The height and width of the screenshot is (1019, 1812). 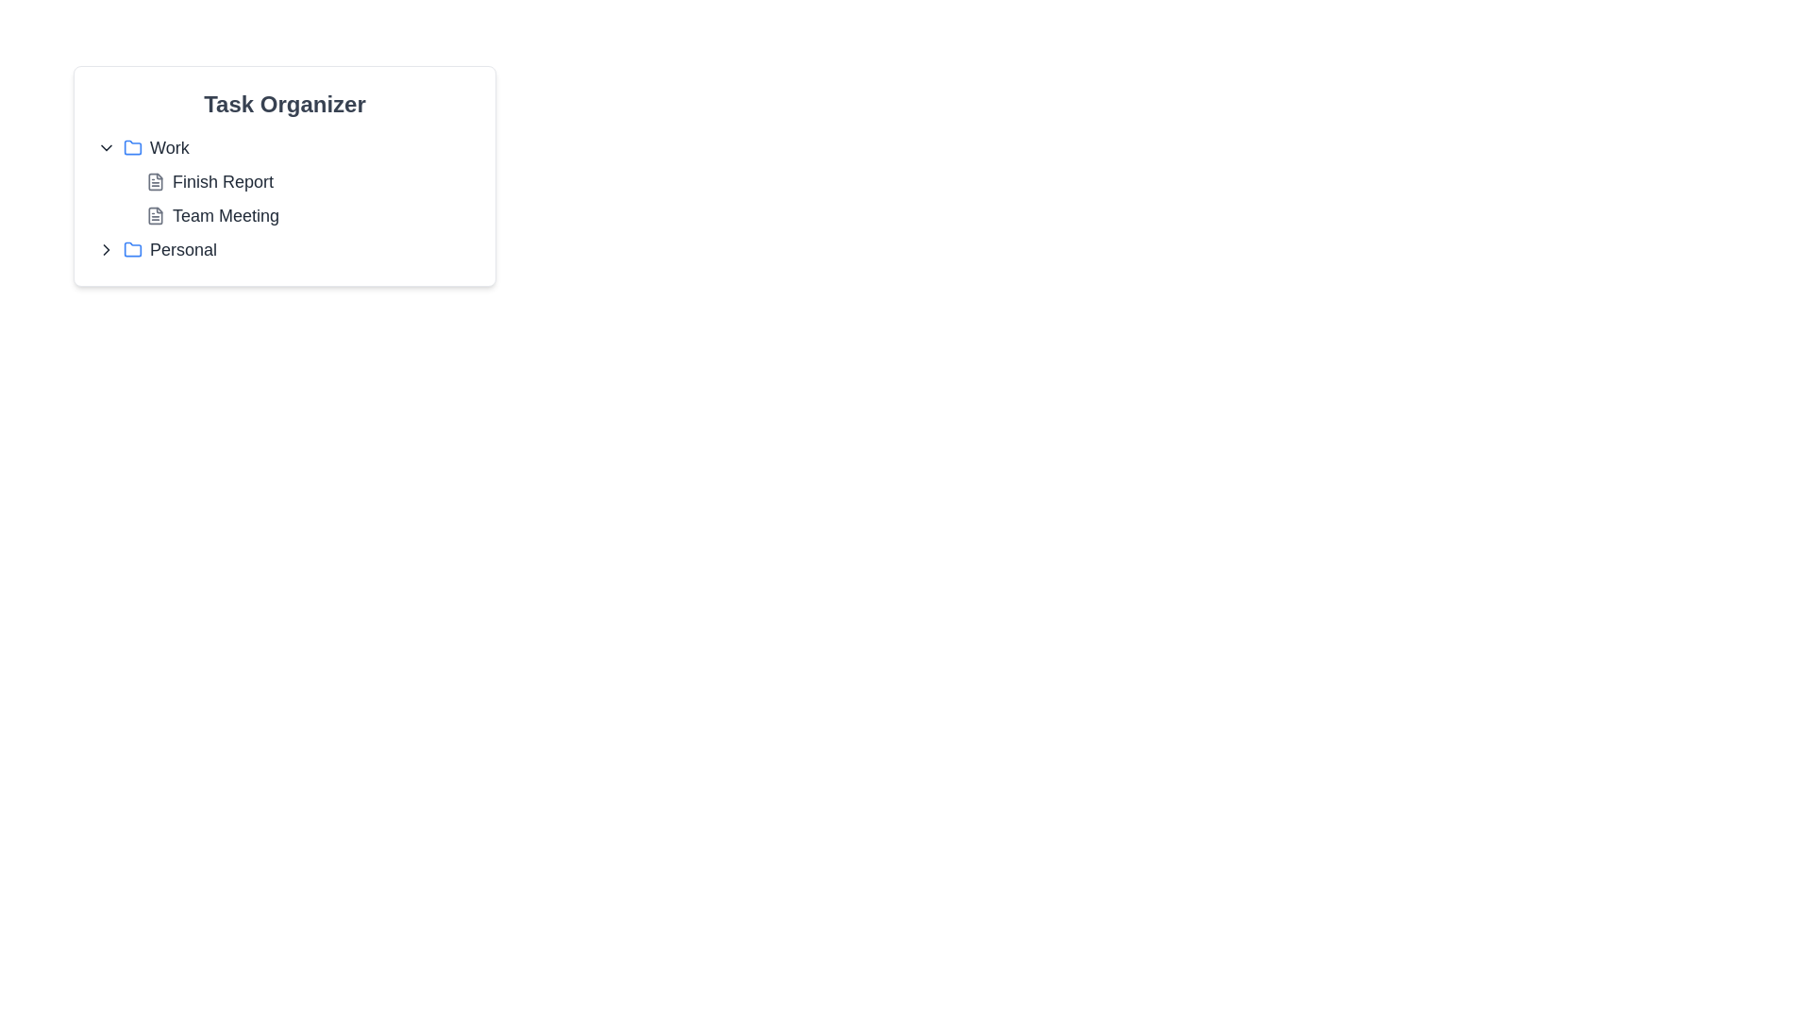 What do you see at coordinates (106, 249) in the screenshot?
I see `the chevron icon toggle button for the 'Personal' list entry to potentially display more information or highlight it` at bounding box center [106, 249].